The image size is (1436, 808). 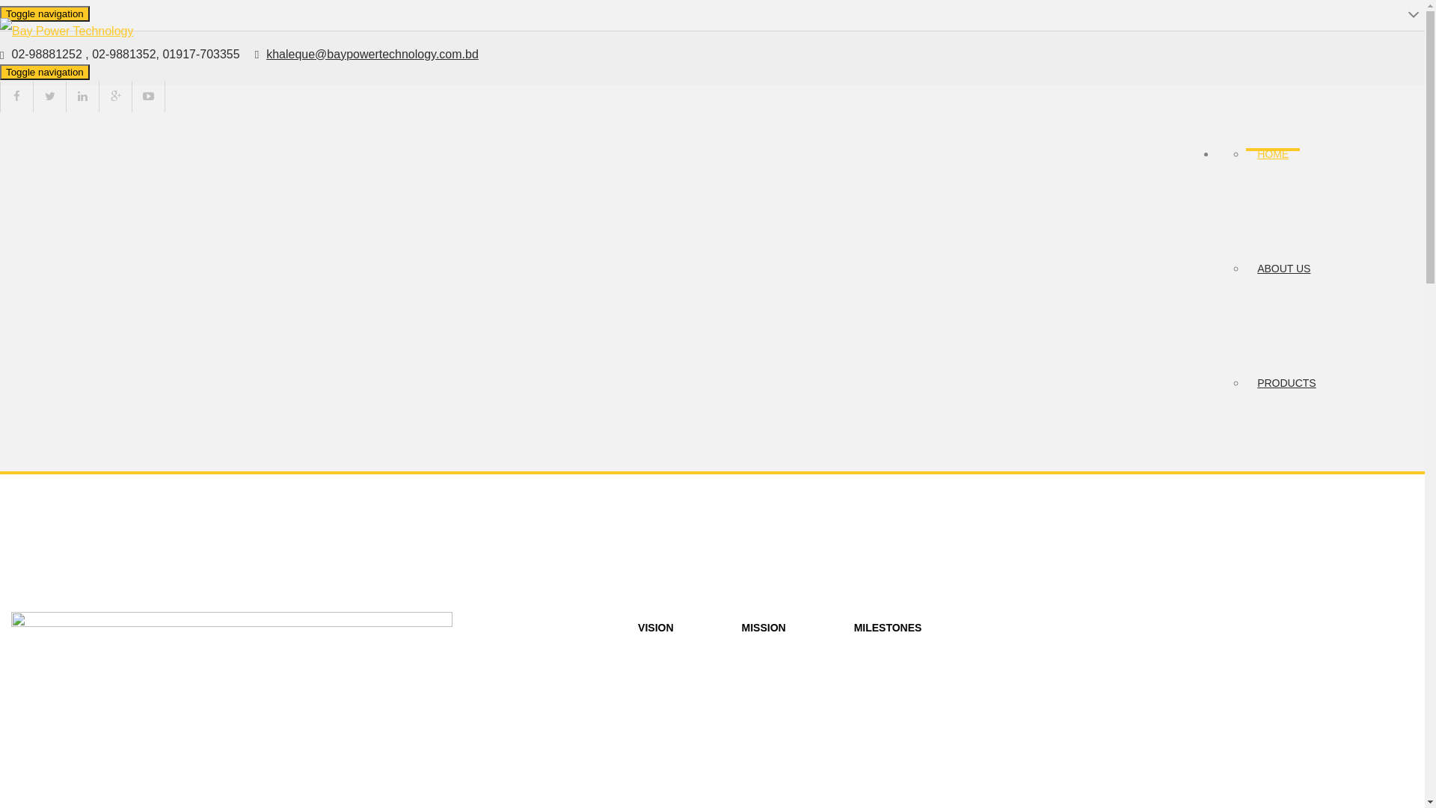 What do you see at coordinates (888, 628) in the screenshot?
I see `'MILESTONES'` at bounding box center [888, 628].